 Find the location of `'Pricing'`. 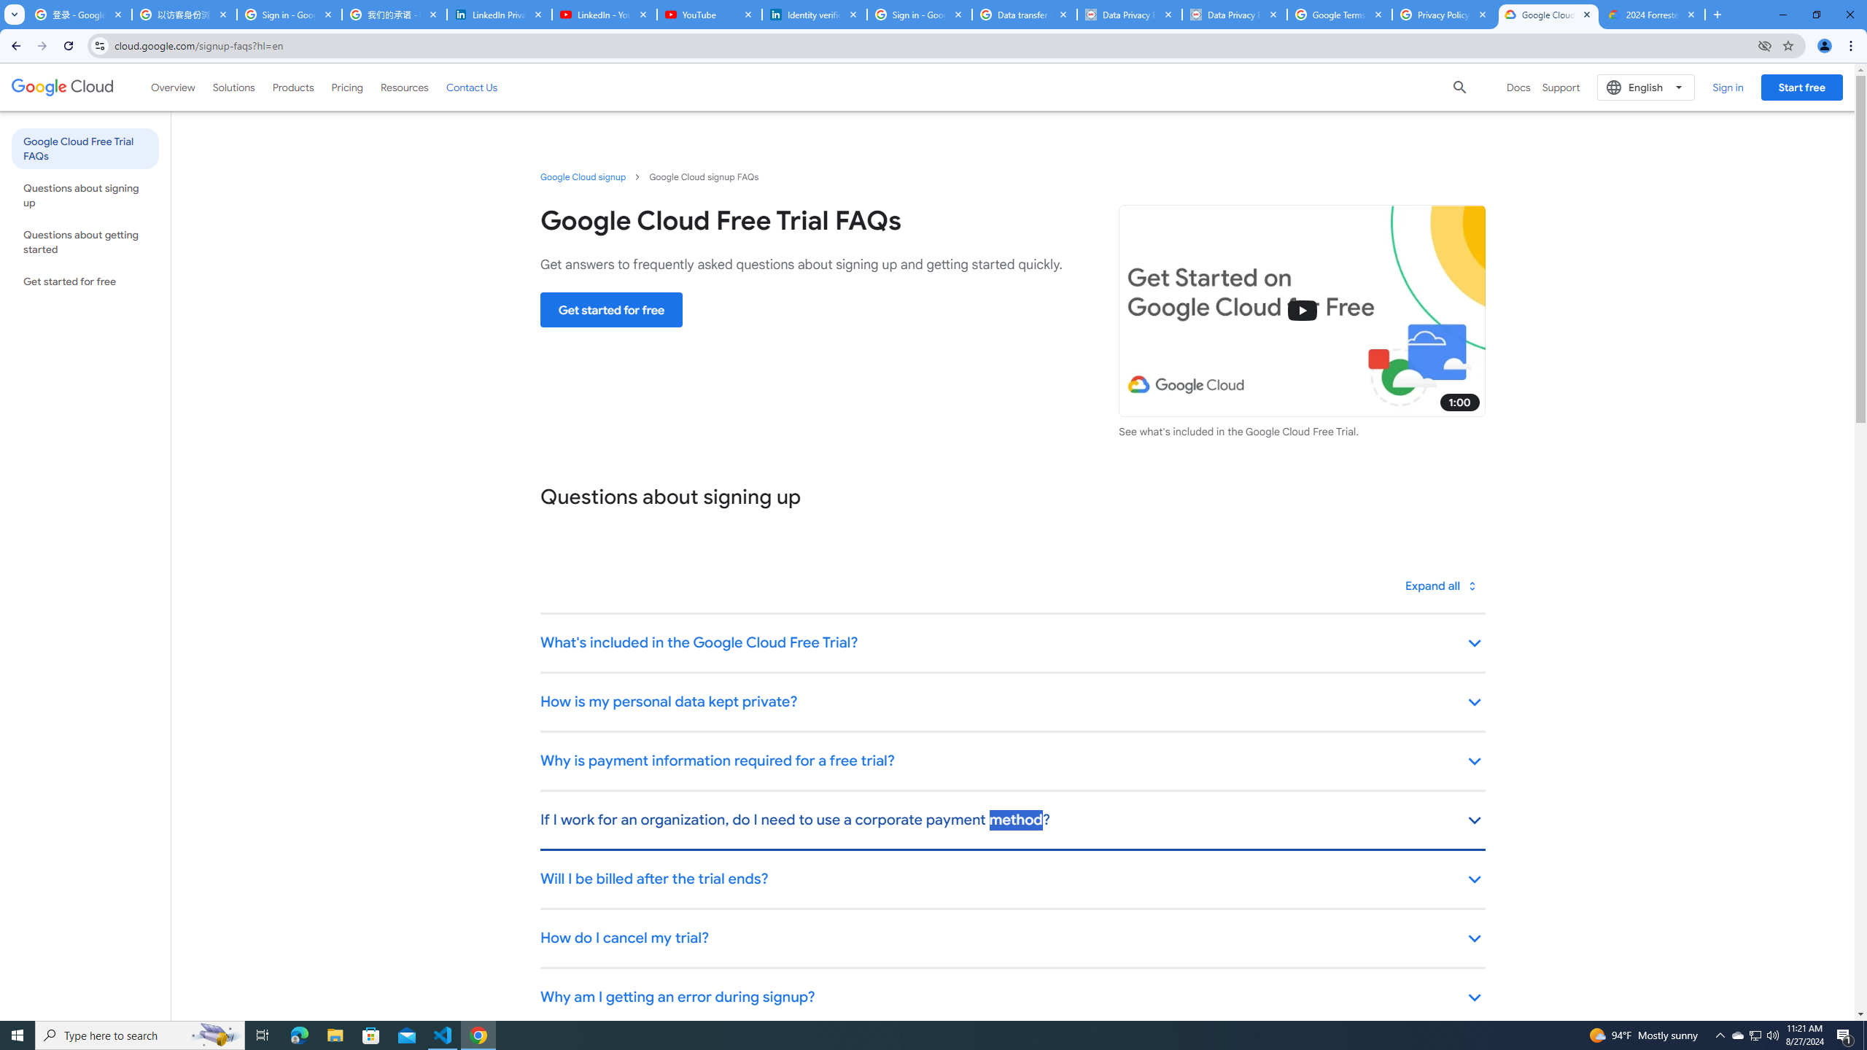

'Pricing' is located at coordinates (347, 86).